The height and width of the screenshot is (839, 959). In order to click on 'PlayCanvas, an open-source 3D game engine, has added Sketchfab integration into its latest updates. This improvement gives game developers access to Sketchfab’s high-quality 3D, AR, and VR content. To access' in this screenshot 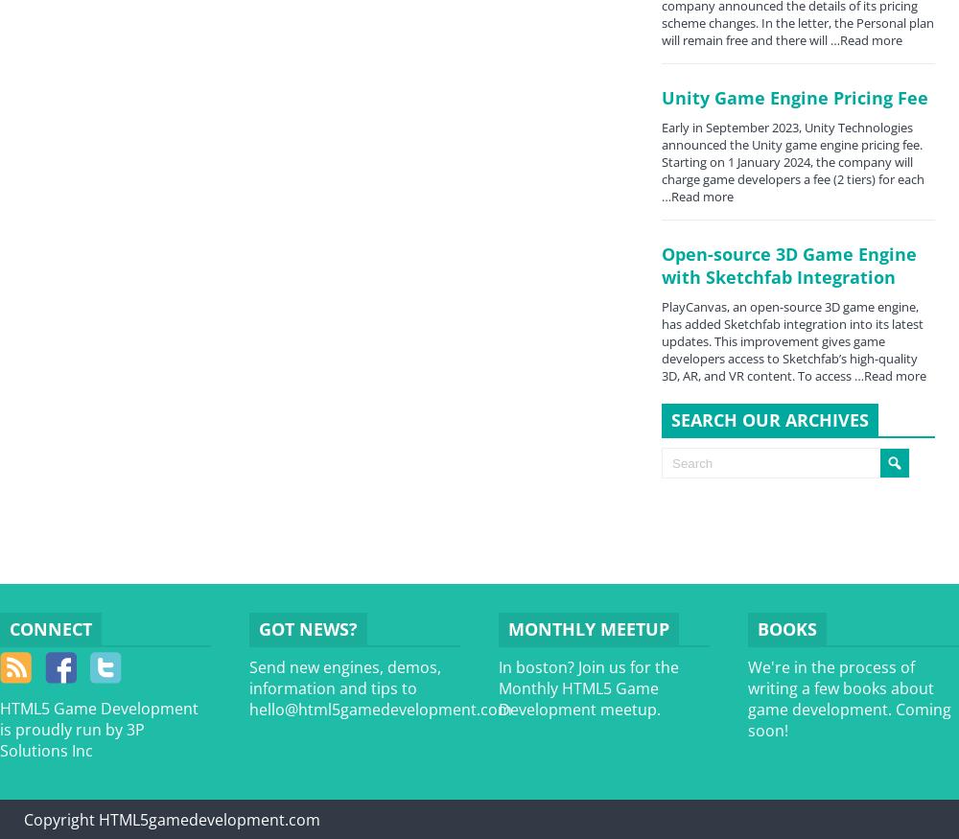, I will do `click(661, 341)`.